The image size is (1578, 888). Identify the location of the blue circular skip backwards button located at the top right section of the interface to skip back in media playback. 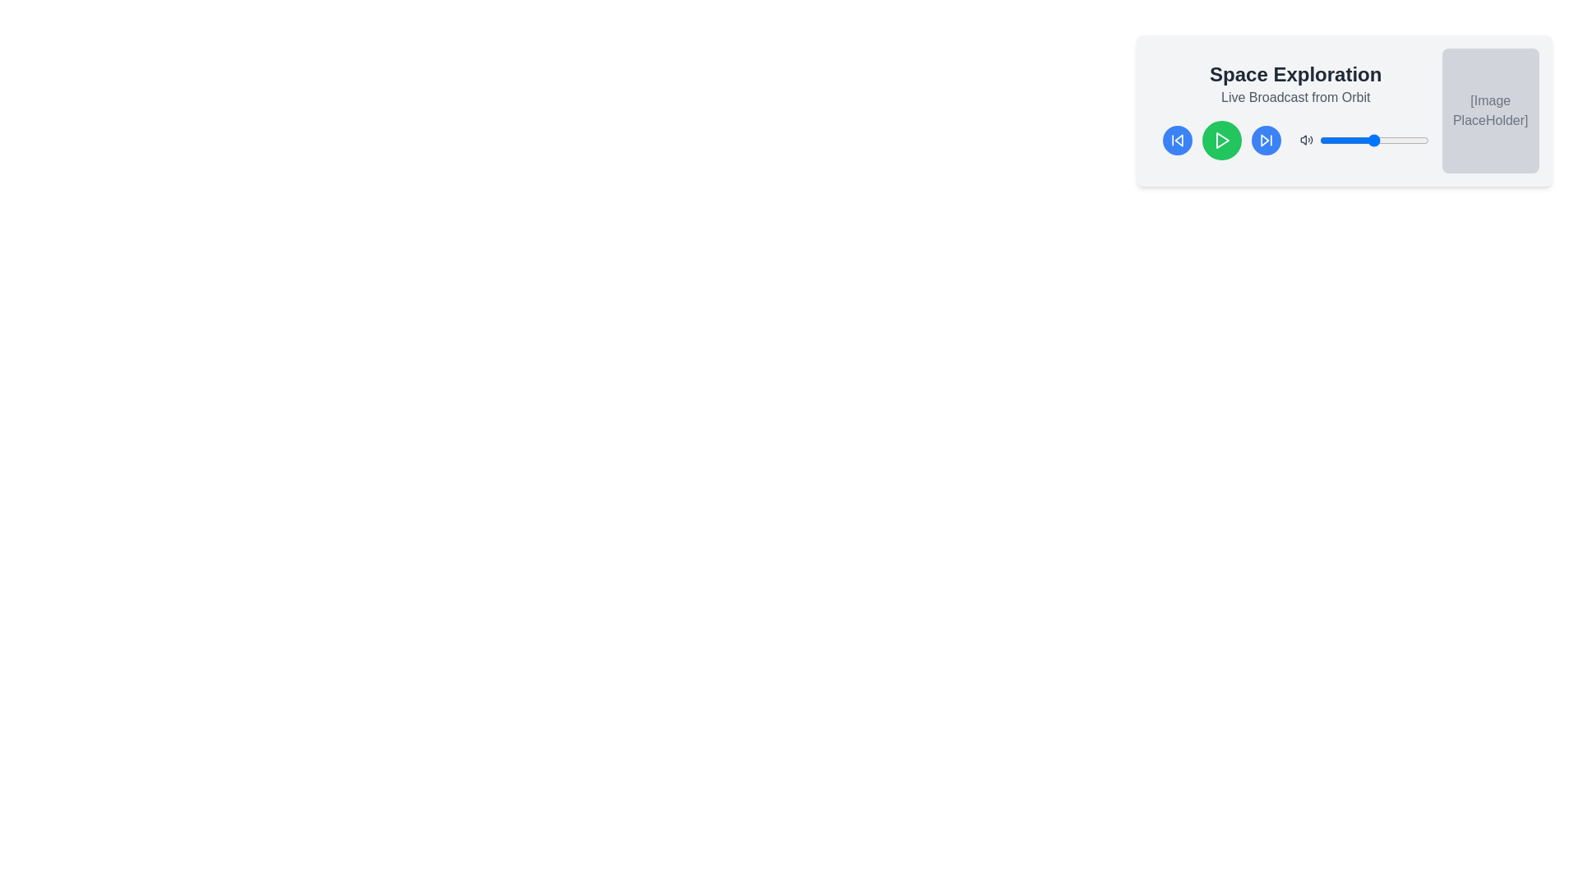
(1177, 139).